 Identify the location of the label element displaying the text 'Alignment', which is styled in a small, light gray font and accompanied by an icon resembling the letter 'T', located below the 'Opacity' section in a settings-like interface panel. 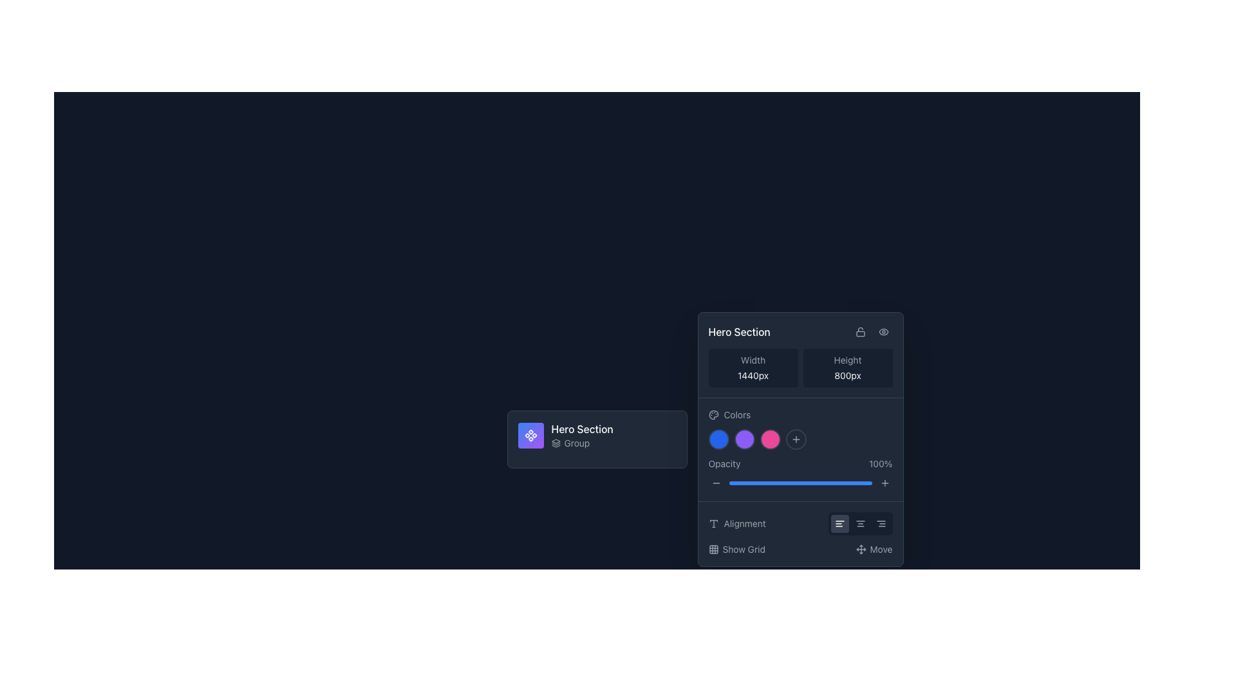
(737, 523).